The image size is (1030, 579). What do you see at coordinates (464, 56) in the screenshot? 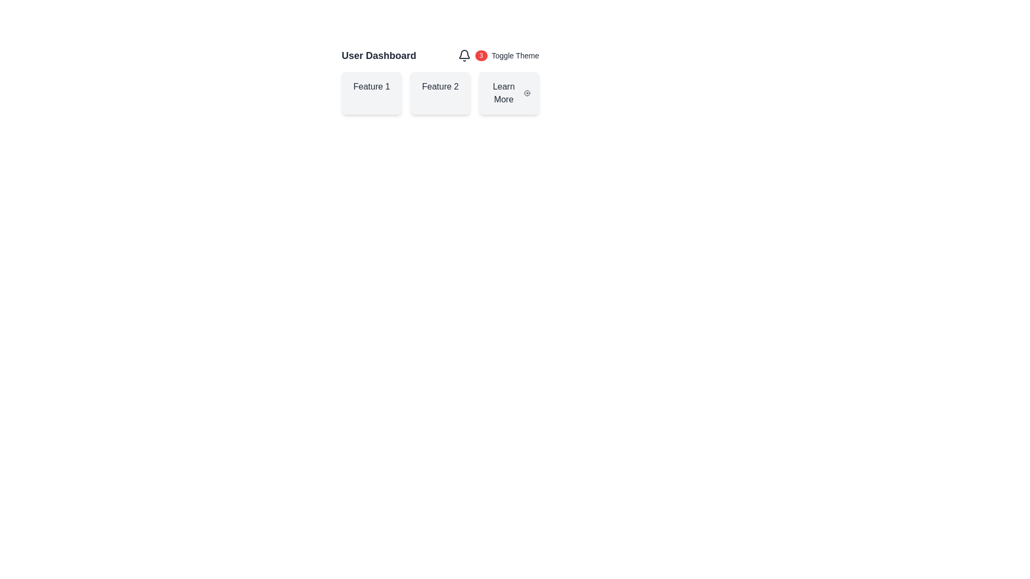
I see `the bell-shaped icon located near the top-right corner of the interface` at bounding box center [464, 56].